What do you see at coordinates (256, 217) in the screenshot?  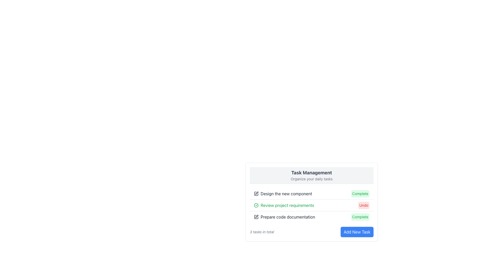 I see `the icon positioned to the left of the task title 'Prepare code documentation'` at bounding box center [256, 217].